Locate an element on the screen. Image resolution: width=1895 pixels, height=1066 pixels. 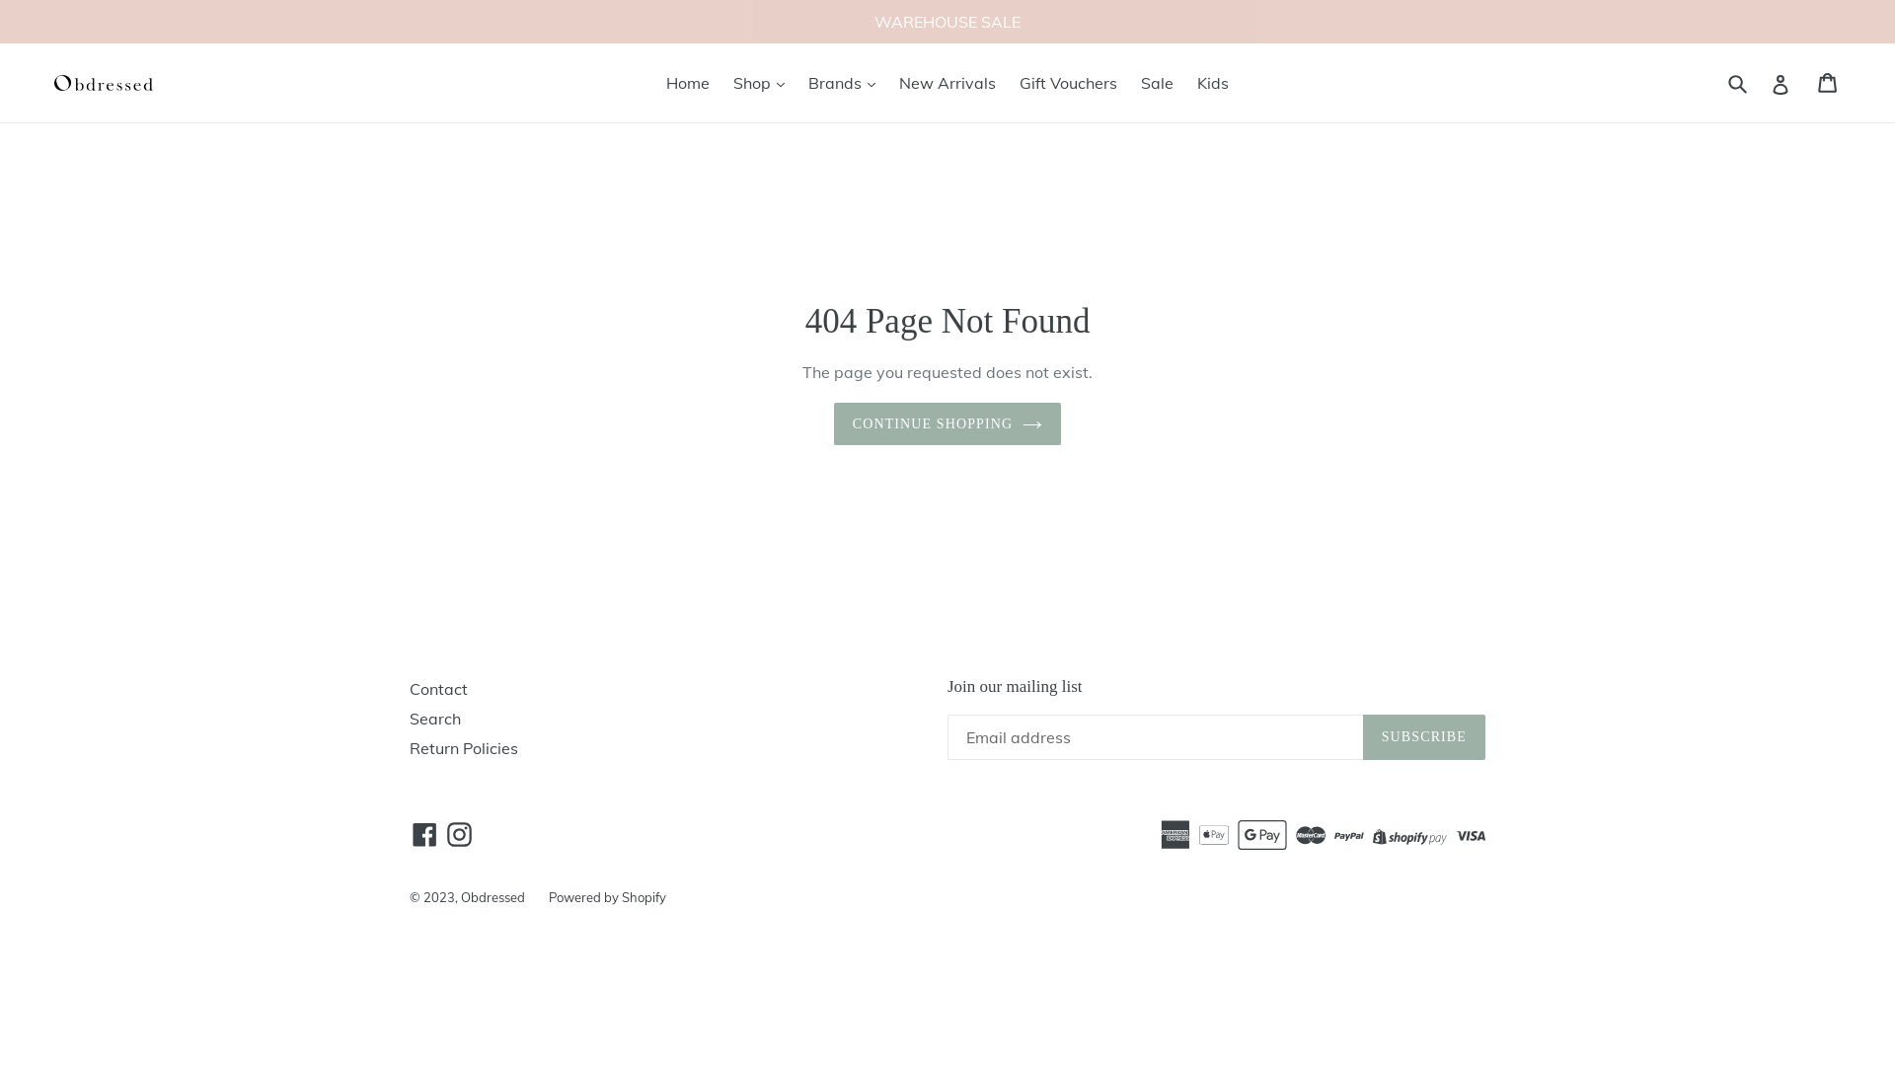
'Powered by Shopify' is located at coordinates (606, 897).